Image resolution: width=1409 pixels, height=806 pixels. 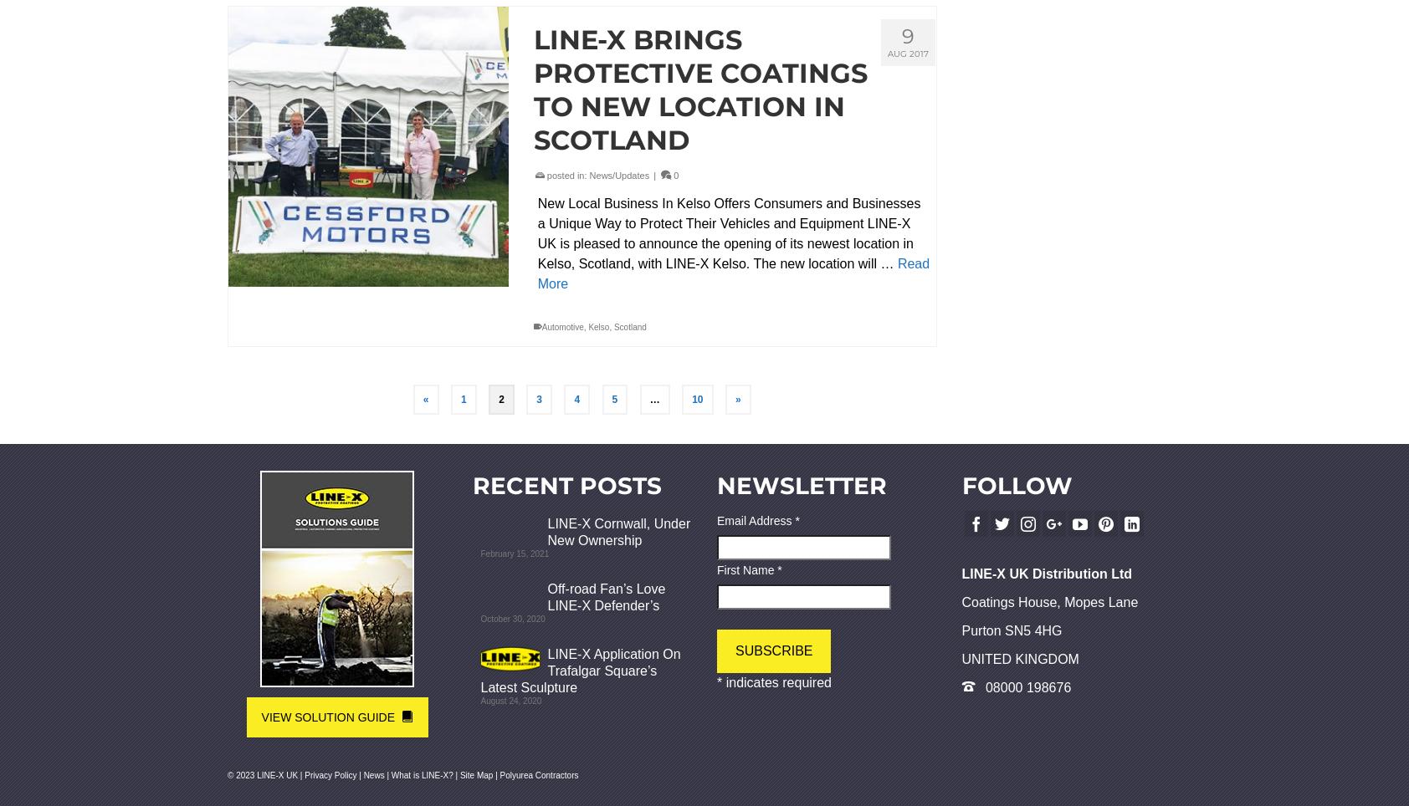 I want to click on 'Privacy Policy', so click(x=330, y=775).